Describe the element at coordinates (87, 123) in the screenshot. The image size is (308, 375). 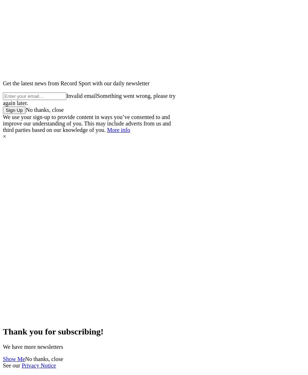
I see `'We use your sign-up to provide content in ways you’ve consented to and improve our understanding of you. This may include adverts from us and third parties based on our knowledge of you.'` at that location.